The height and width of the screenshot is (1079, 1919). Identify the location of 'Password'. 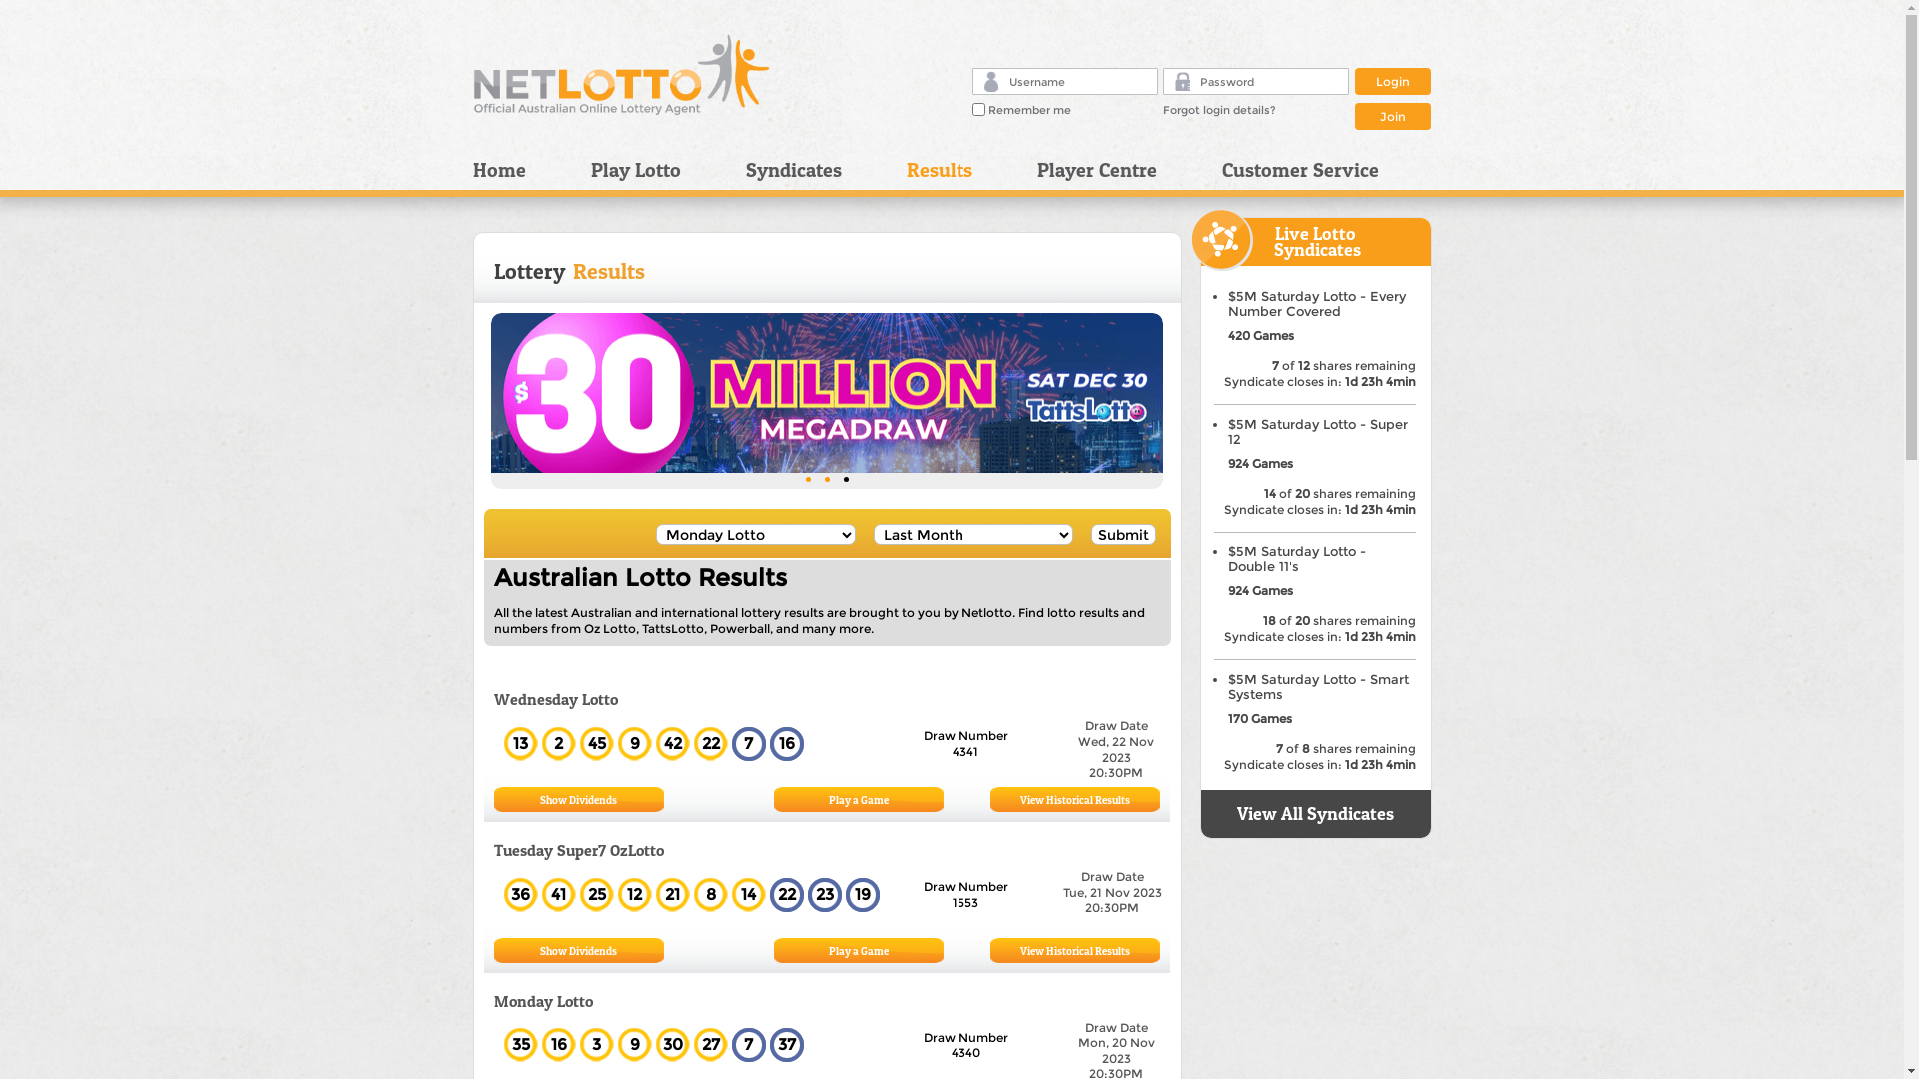
(1175, 79).